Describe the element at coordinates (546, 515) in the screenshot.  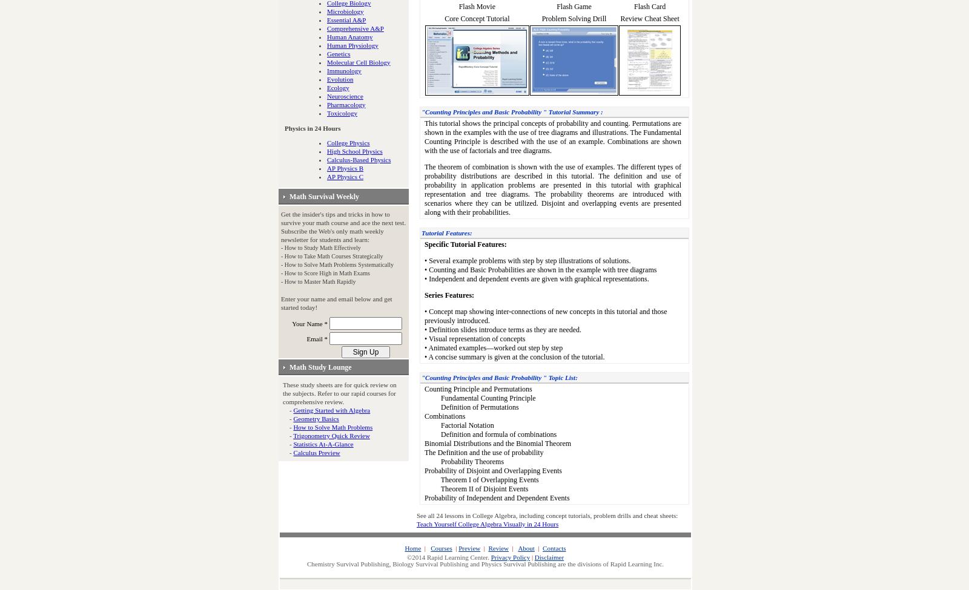
I see `'See all 24 lessons in College Algebra, including concept tutorials, problem drills and cheat sheets:'` at that location.